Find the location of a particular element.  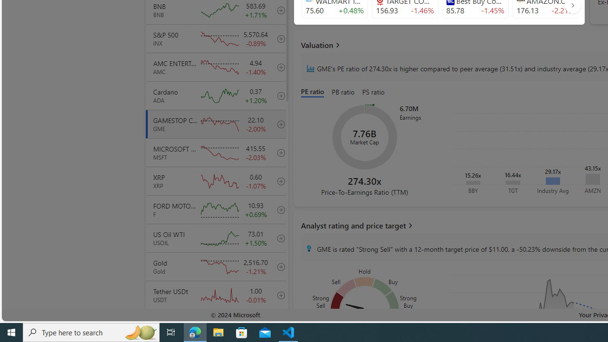

'PE ratio' is located at coordinates (314, 93).